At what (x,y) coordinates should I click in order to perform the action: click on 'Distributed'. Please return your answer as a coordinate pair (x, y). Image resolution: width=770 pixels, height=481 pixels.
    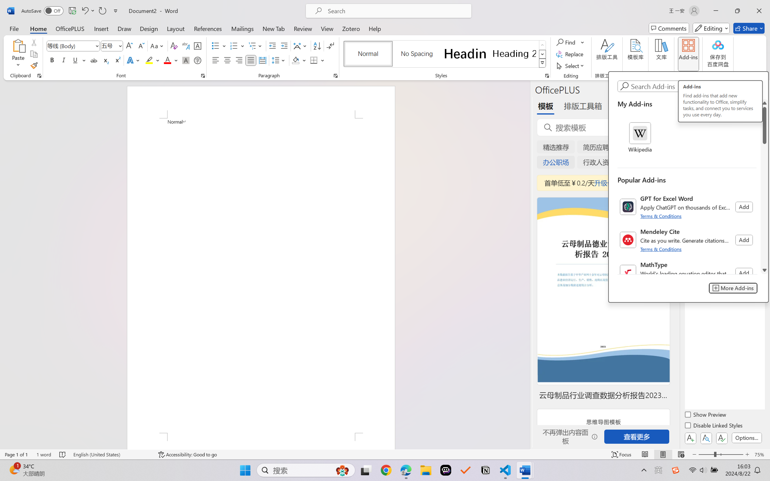
    Looking at the image, I should click on (262, 60).